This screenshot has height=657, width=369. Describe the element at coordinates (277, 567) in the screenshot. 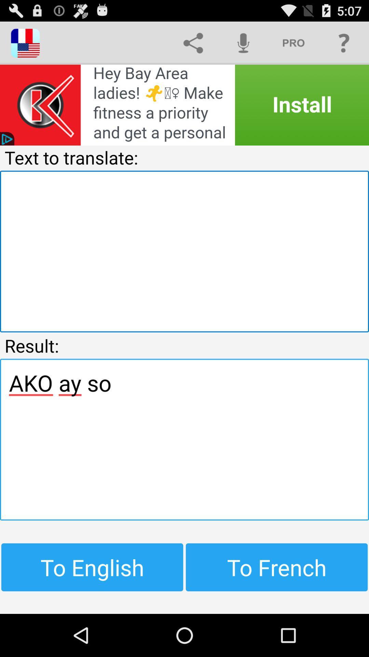

I see `the item at the bottom right corner` at that location.